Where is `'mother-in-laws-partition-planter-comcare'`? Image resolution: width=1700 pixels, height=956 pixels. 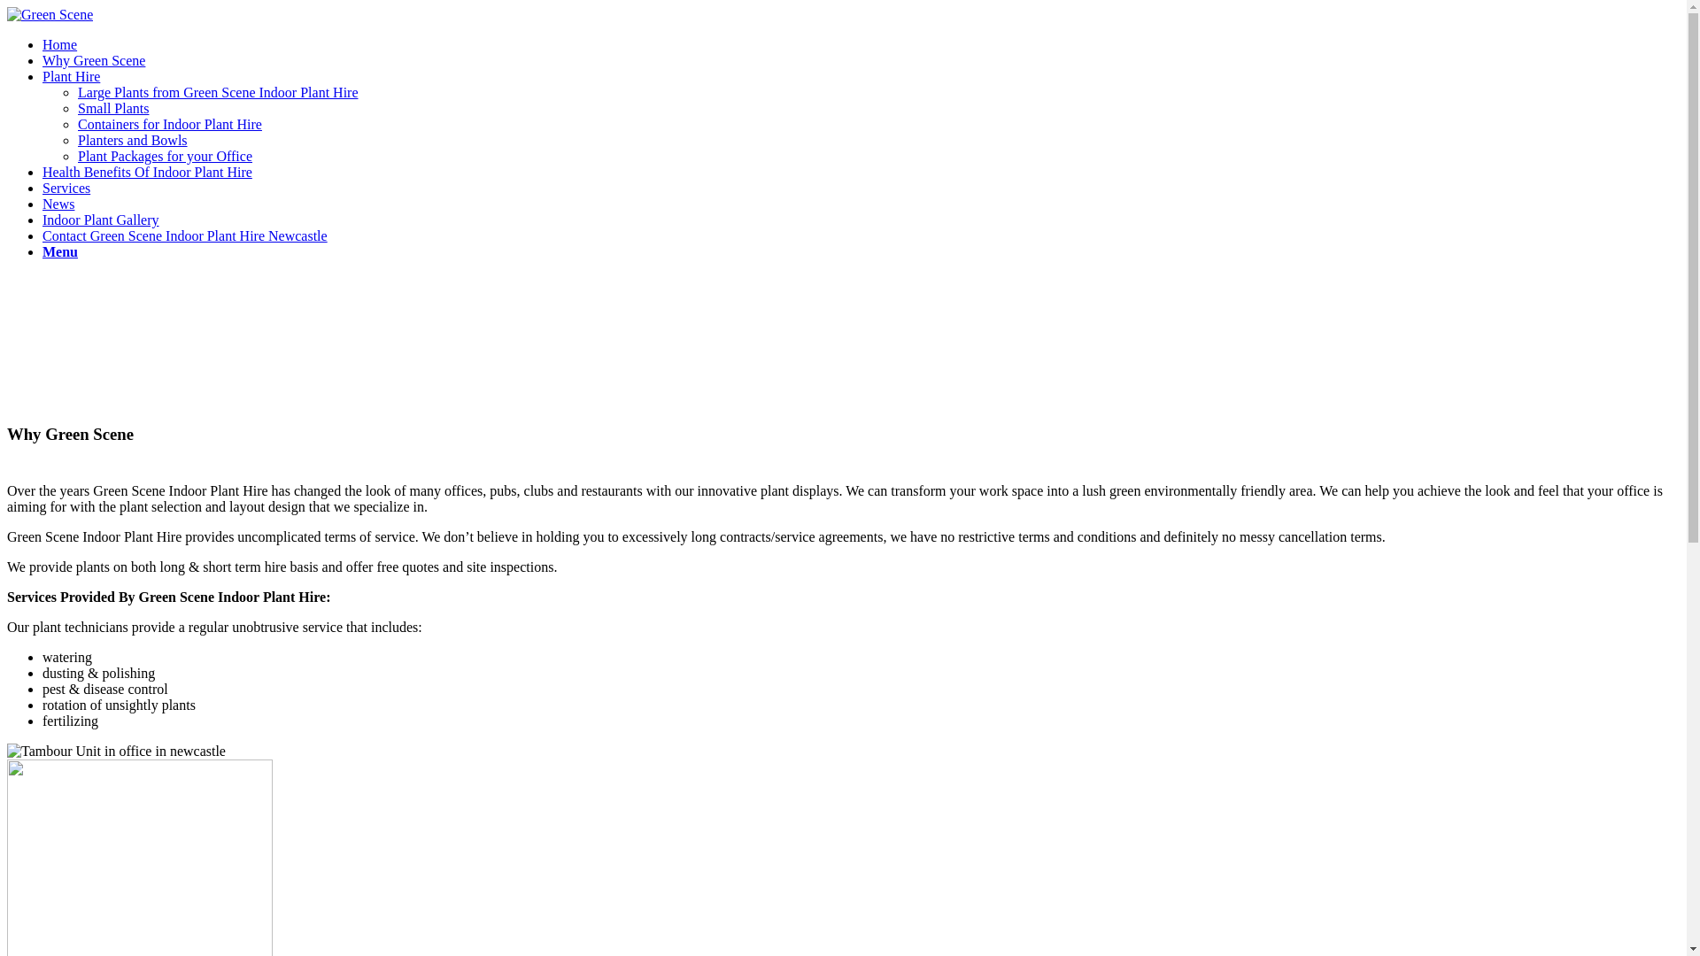 'mother-in-laws-partition-planter-comcare' is located at coordinates (115, 751).